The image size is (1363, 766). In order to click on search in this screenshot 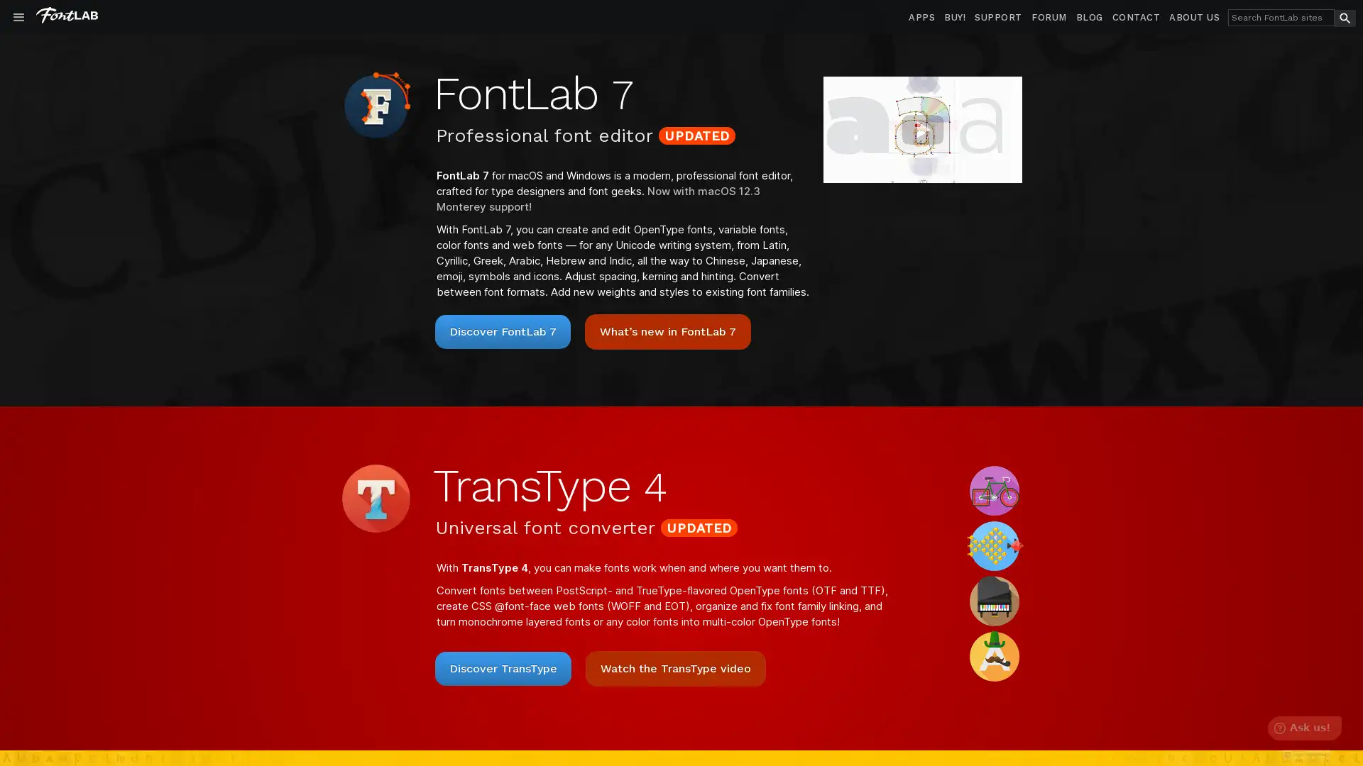, I will do `click(1345, 18)`.